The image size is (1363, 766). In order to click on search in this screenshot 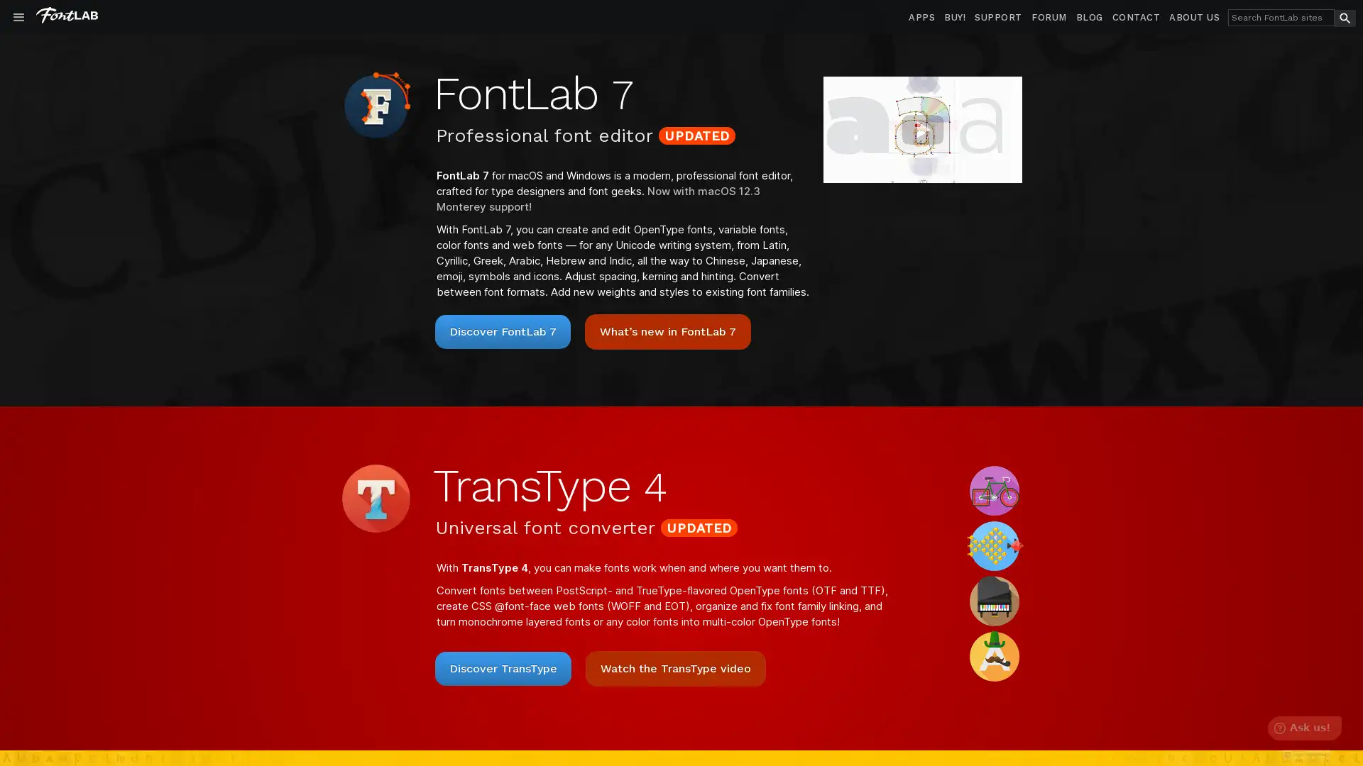, I will do `click(1345, 18)`.